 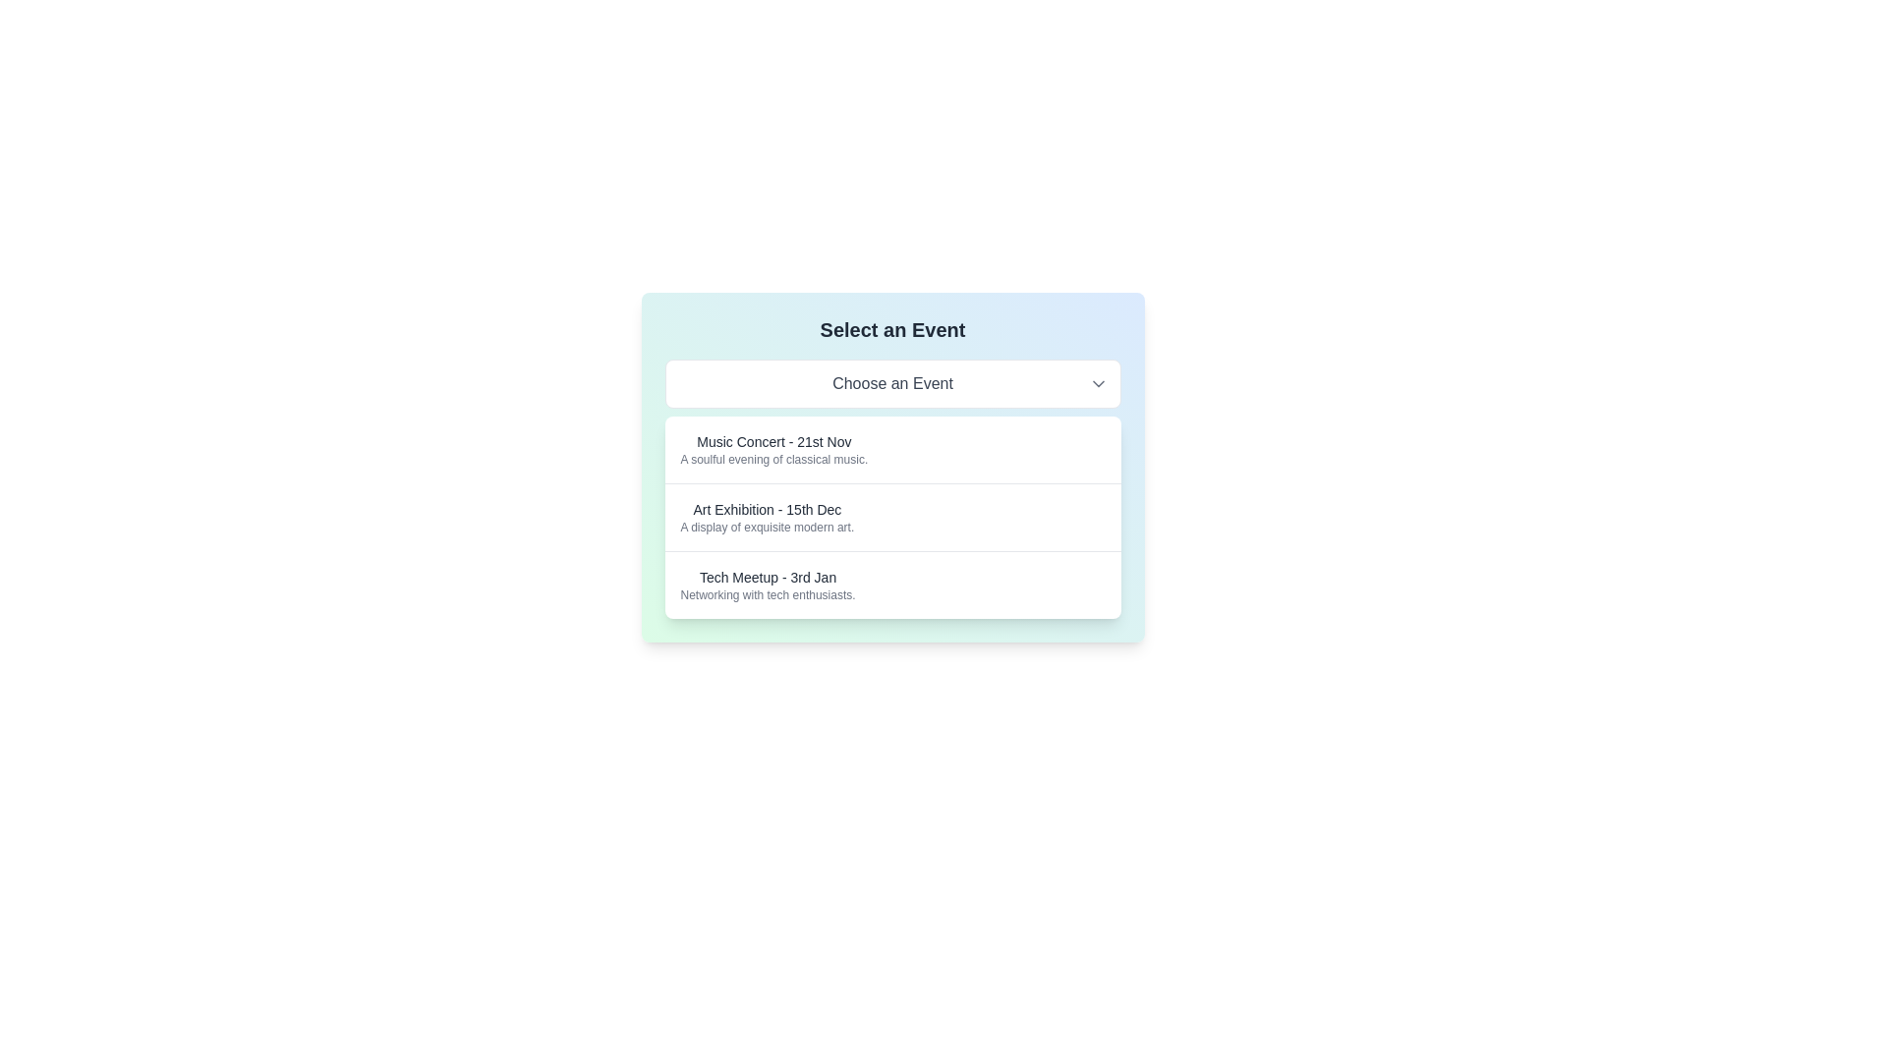 I want to click on the card-like display element reading 'Music Concert - 21st Nov', so click(x=891, y=467).